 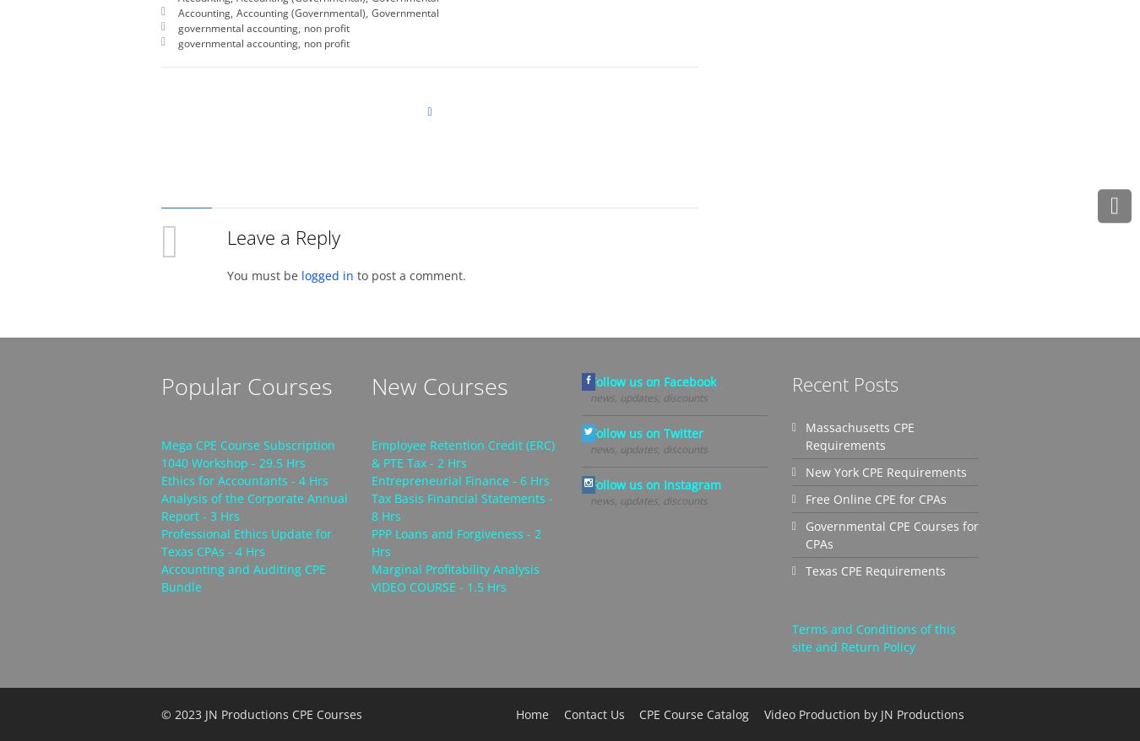 What do you see at coordinates (260, 713) in the screenshot?
I see `'© 2023 JN Productions CPE Courses'` at bounding box center [260, 713].